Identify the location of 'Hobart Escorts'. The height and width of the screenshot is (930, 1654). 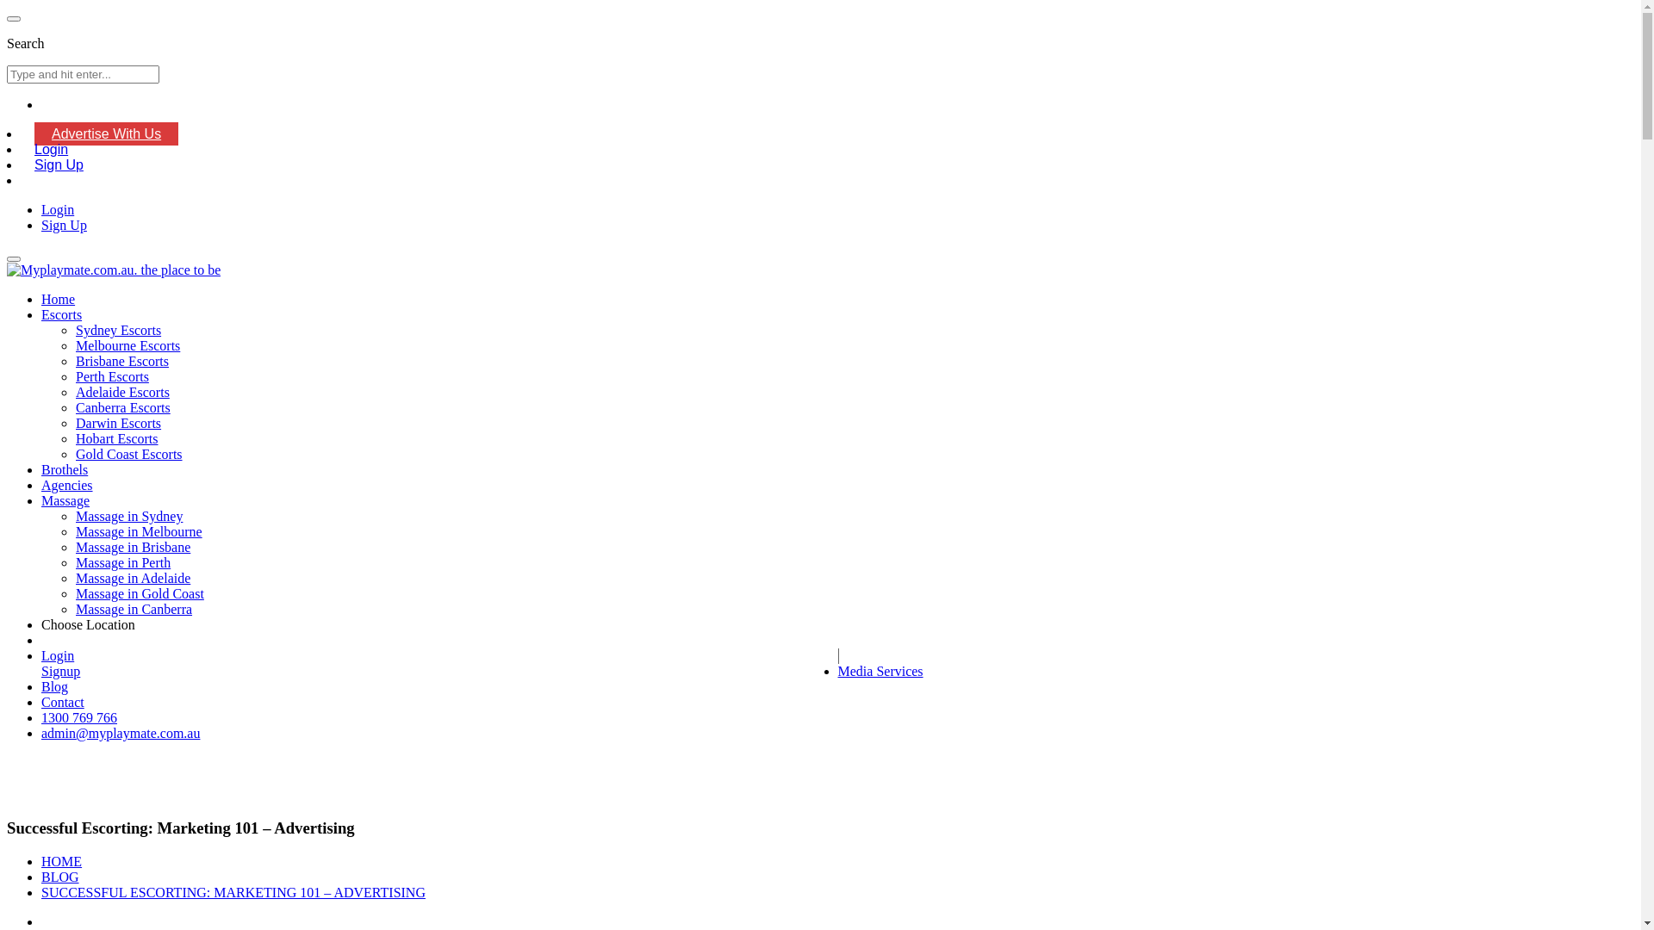
(74, 437).